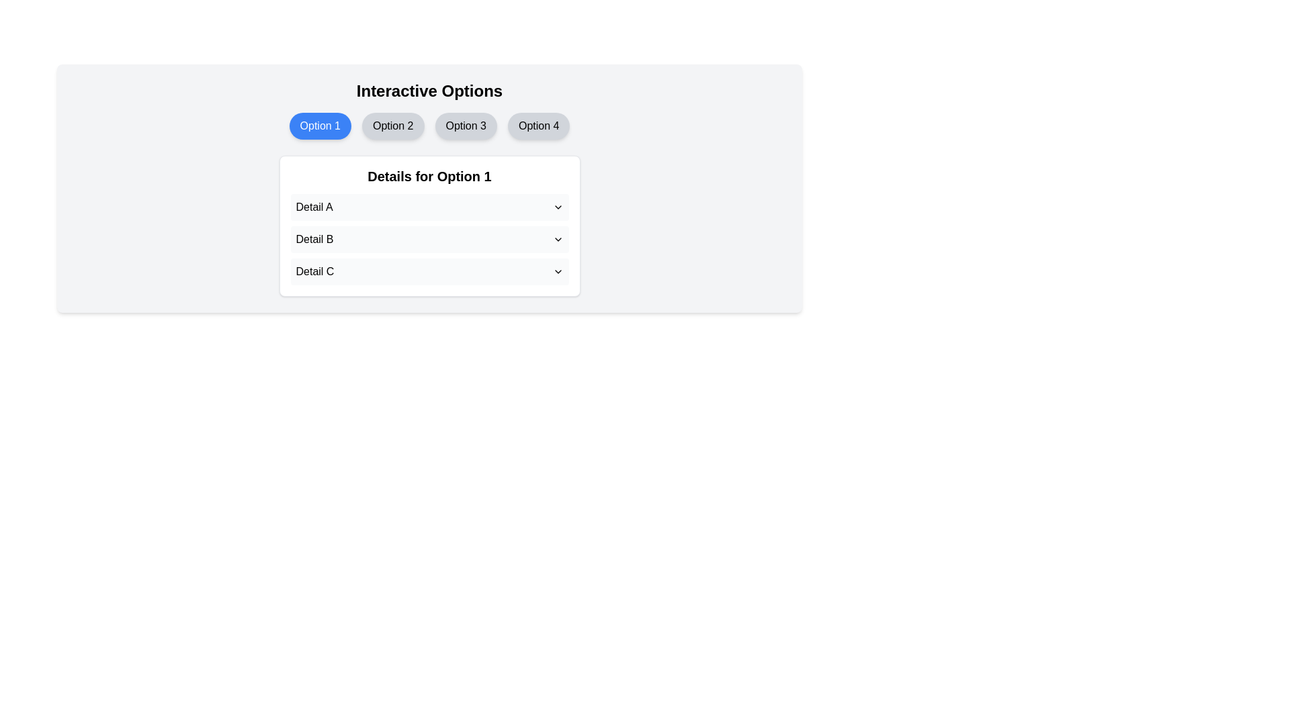  I want to click on the button labeled 'Option 3' with a rounded rectangular shape and light gray background, so click(466, 126).